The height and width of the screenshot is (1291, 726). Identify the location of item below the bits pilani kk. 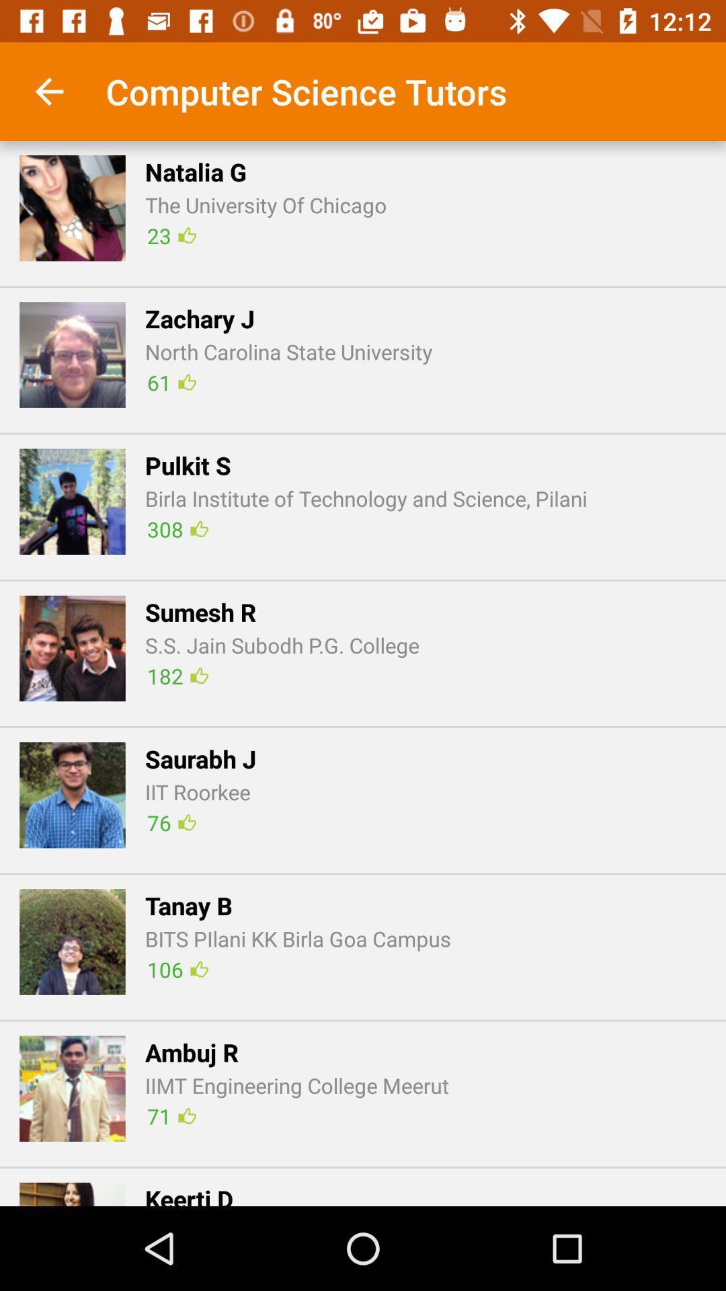
(177, 969).